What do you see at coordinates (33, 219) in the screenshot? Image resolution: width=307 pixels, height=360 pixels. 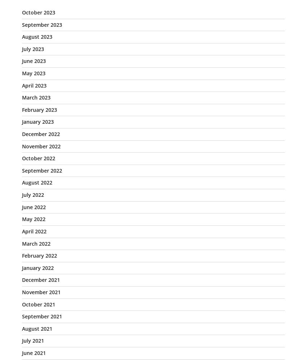 I see `'May 2022'` at bounding box center [33, 219].